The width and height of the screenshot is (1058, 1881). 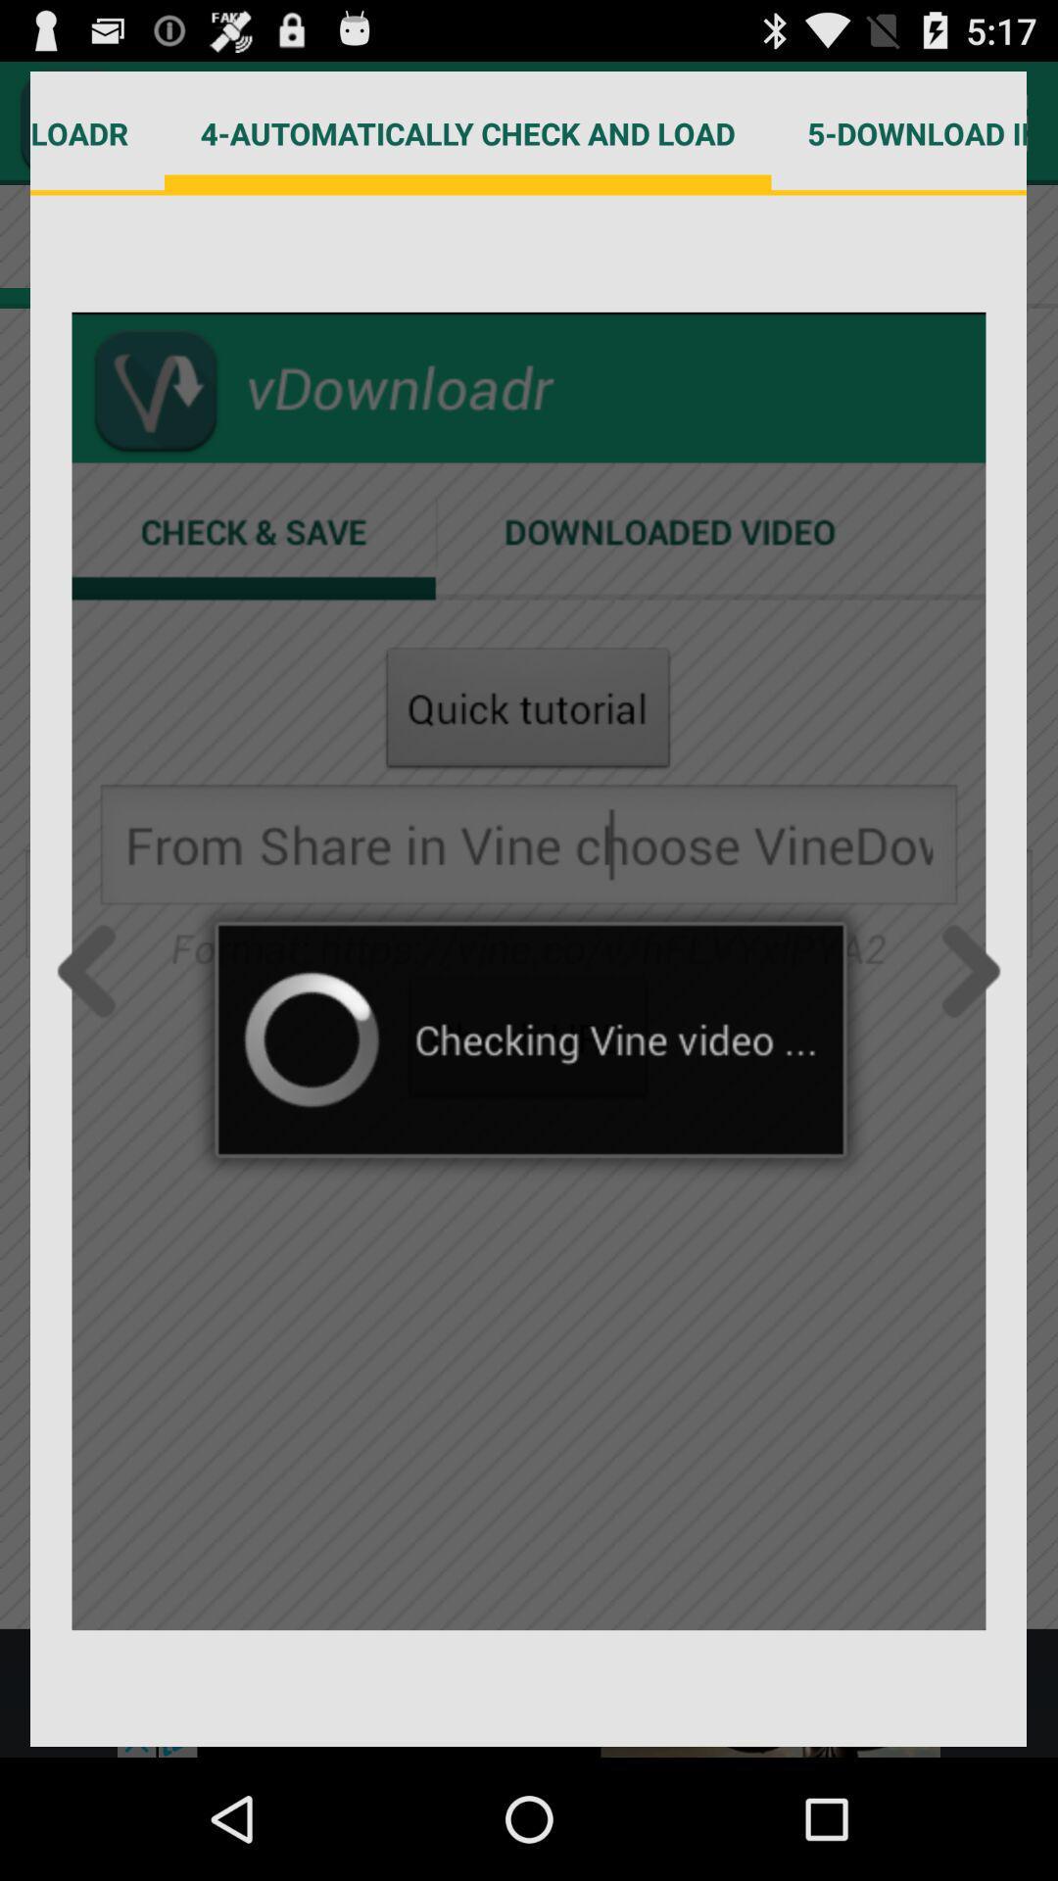 What do you see at coordinates (97, 132) in the screenshot?
I see `item to the left of the 4 automatically check` at bounding box center [97, 132].